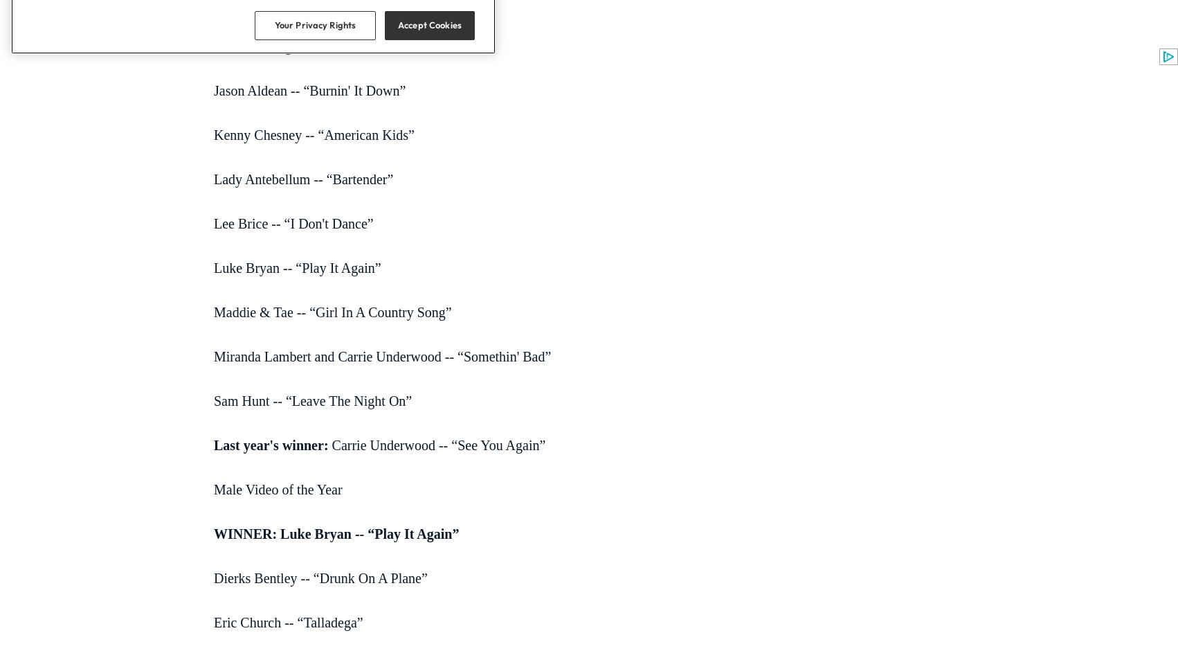  I want to click on 'Lady Antebellum -- “Bartender”', so click(302, 177).